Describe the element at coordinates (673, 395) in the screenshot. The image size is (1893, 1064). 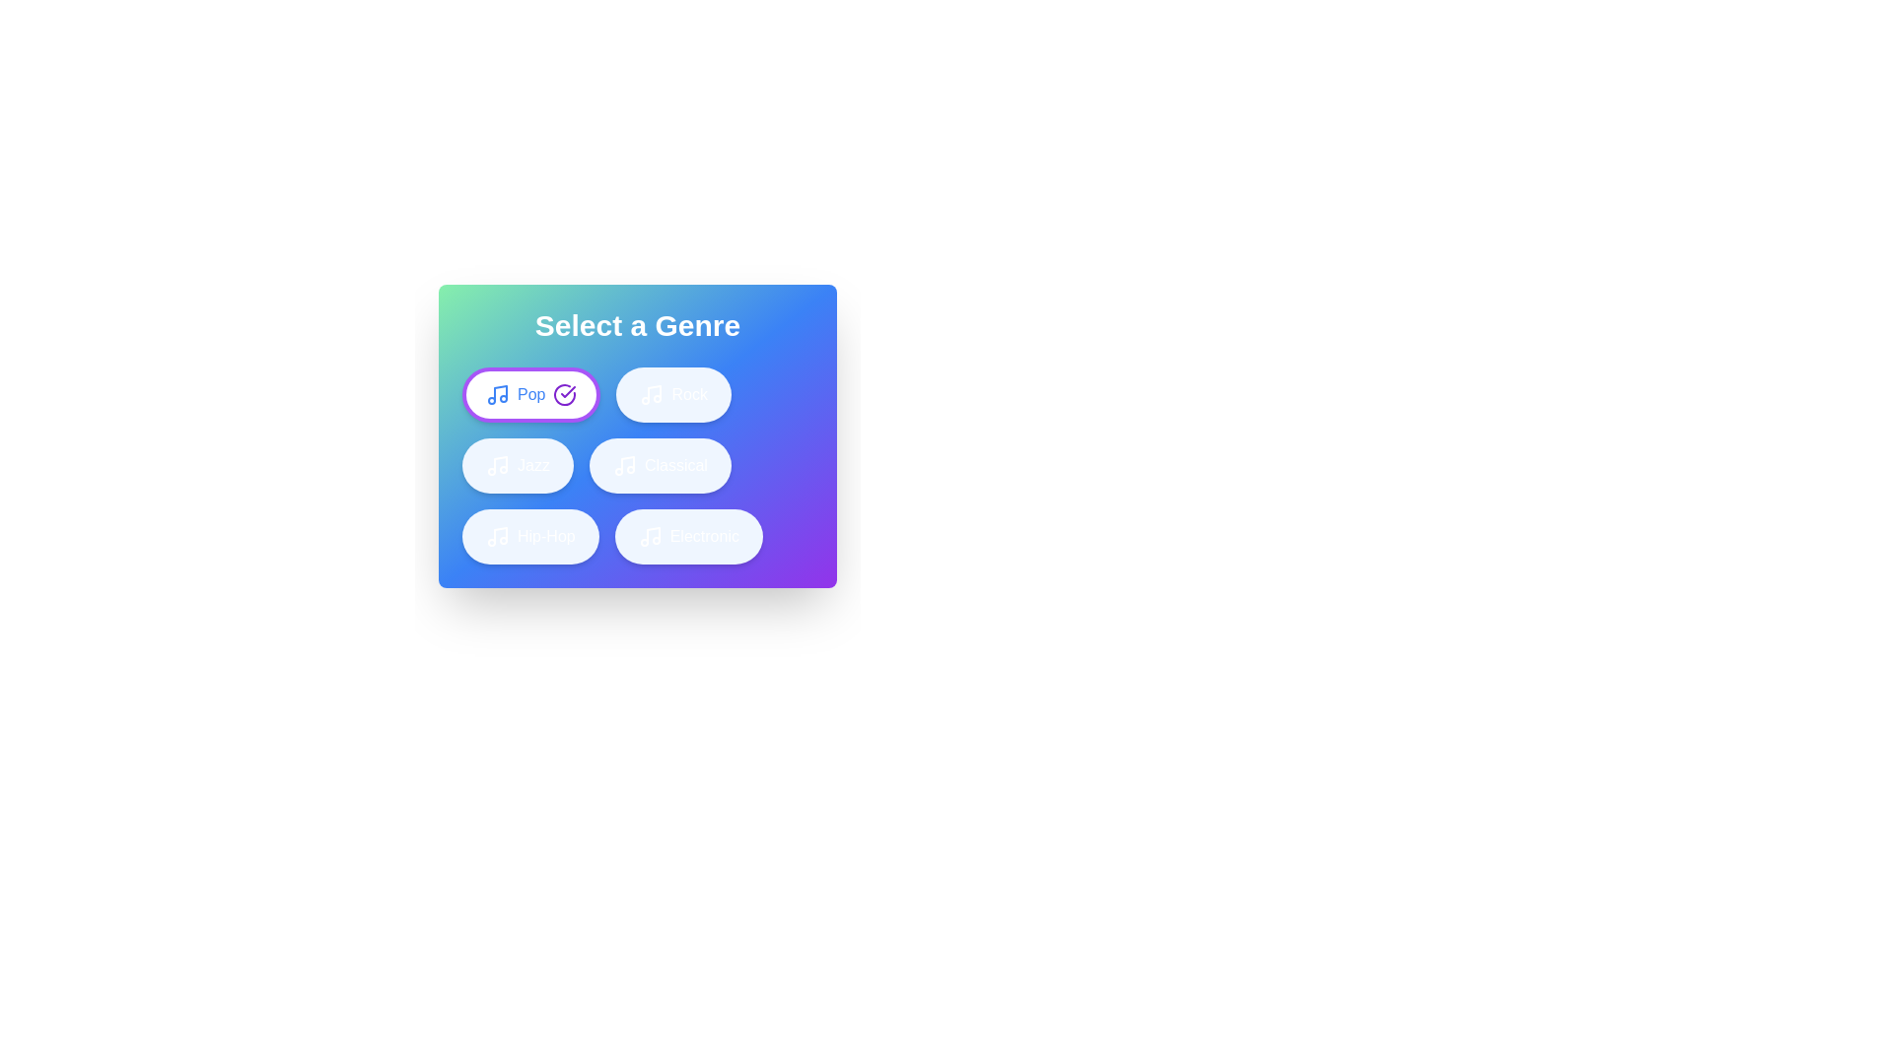
I see `the 'Rock' genre button, which is the second button in the first row of genre options` at that location.